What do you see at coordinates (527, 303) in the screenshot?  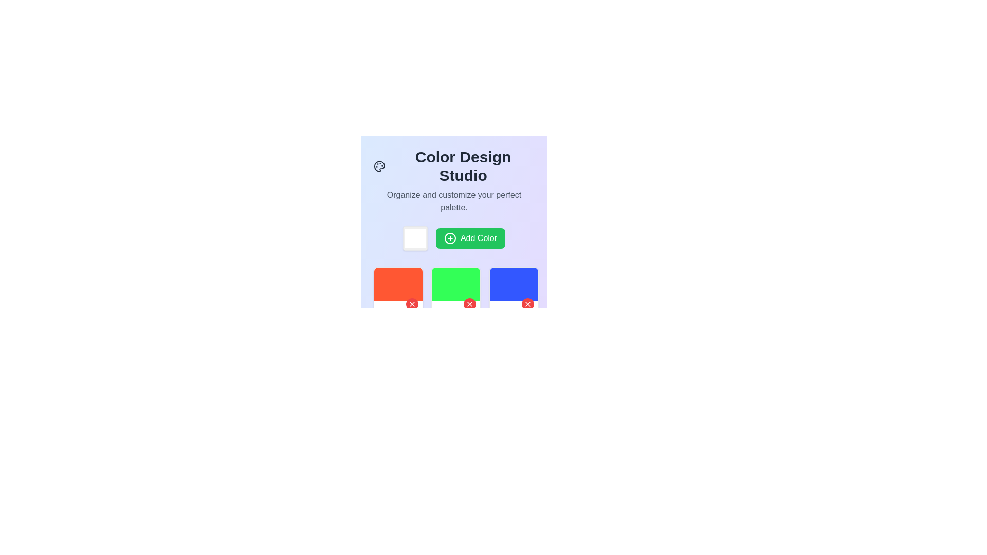 I see `the delete button located at the bottom right corner of the blue card` at bounding box center [527, 303].